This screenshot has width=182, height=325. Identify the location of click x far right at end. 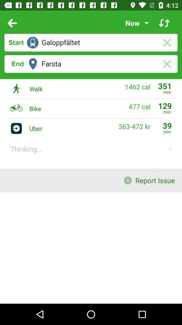
(166, 64).